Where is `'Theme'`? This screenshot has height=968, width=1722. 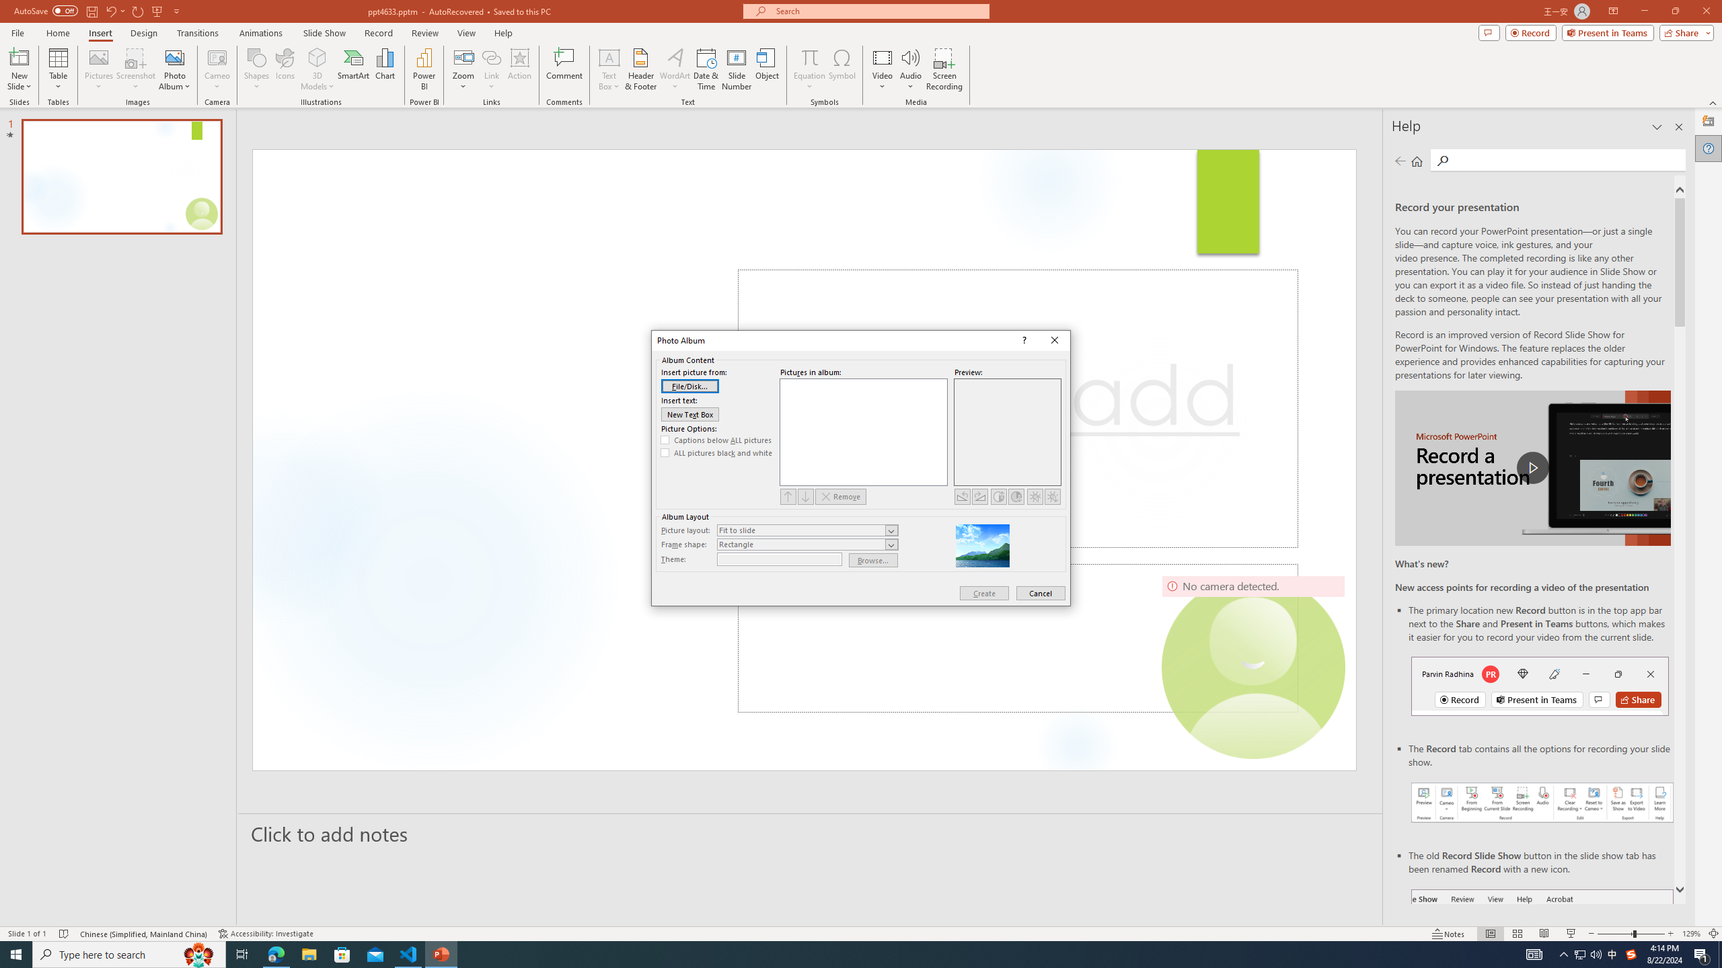 'Theme' is located at coordinates (778, 559).